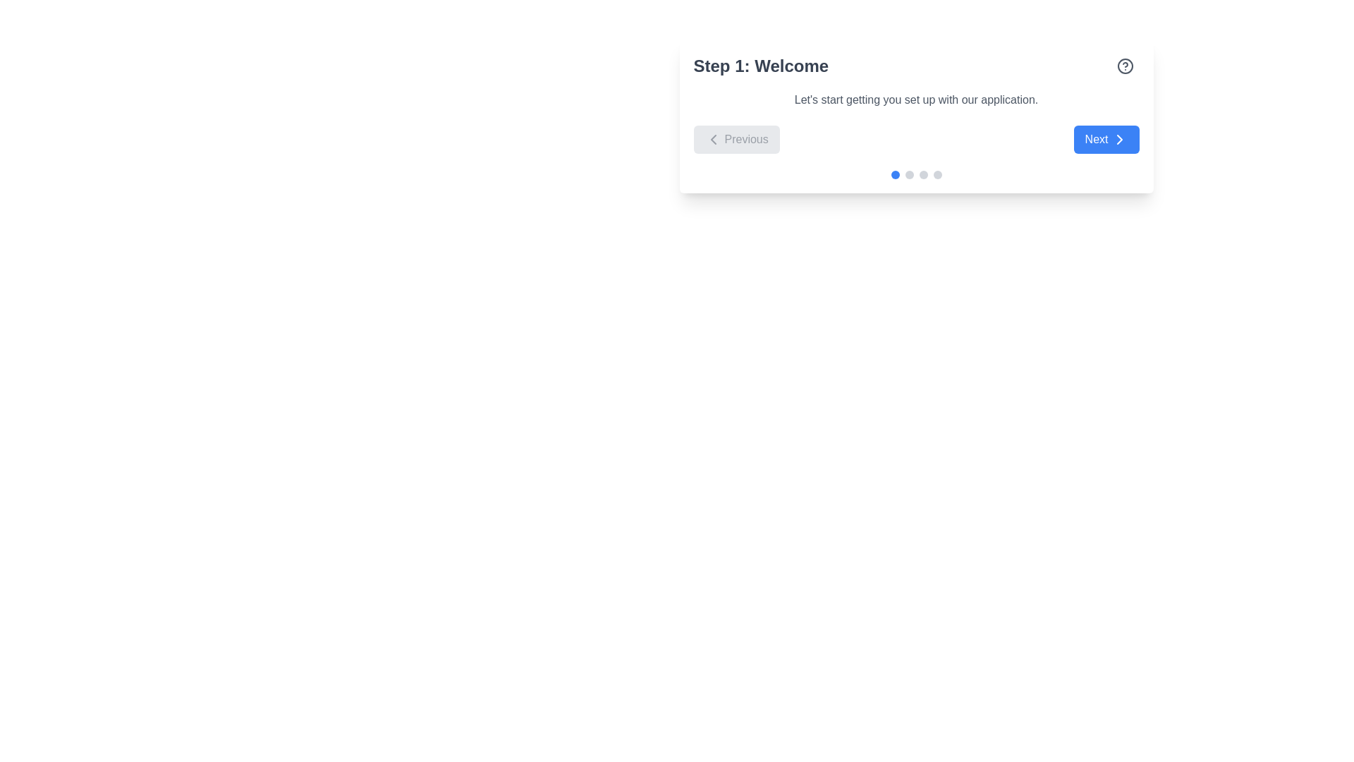 The width and height of the screenshot is (1354, 762). I want to click on the 'Next' button located on the right side of the navigation bar, so click(1106, 139).